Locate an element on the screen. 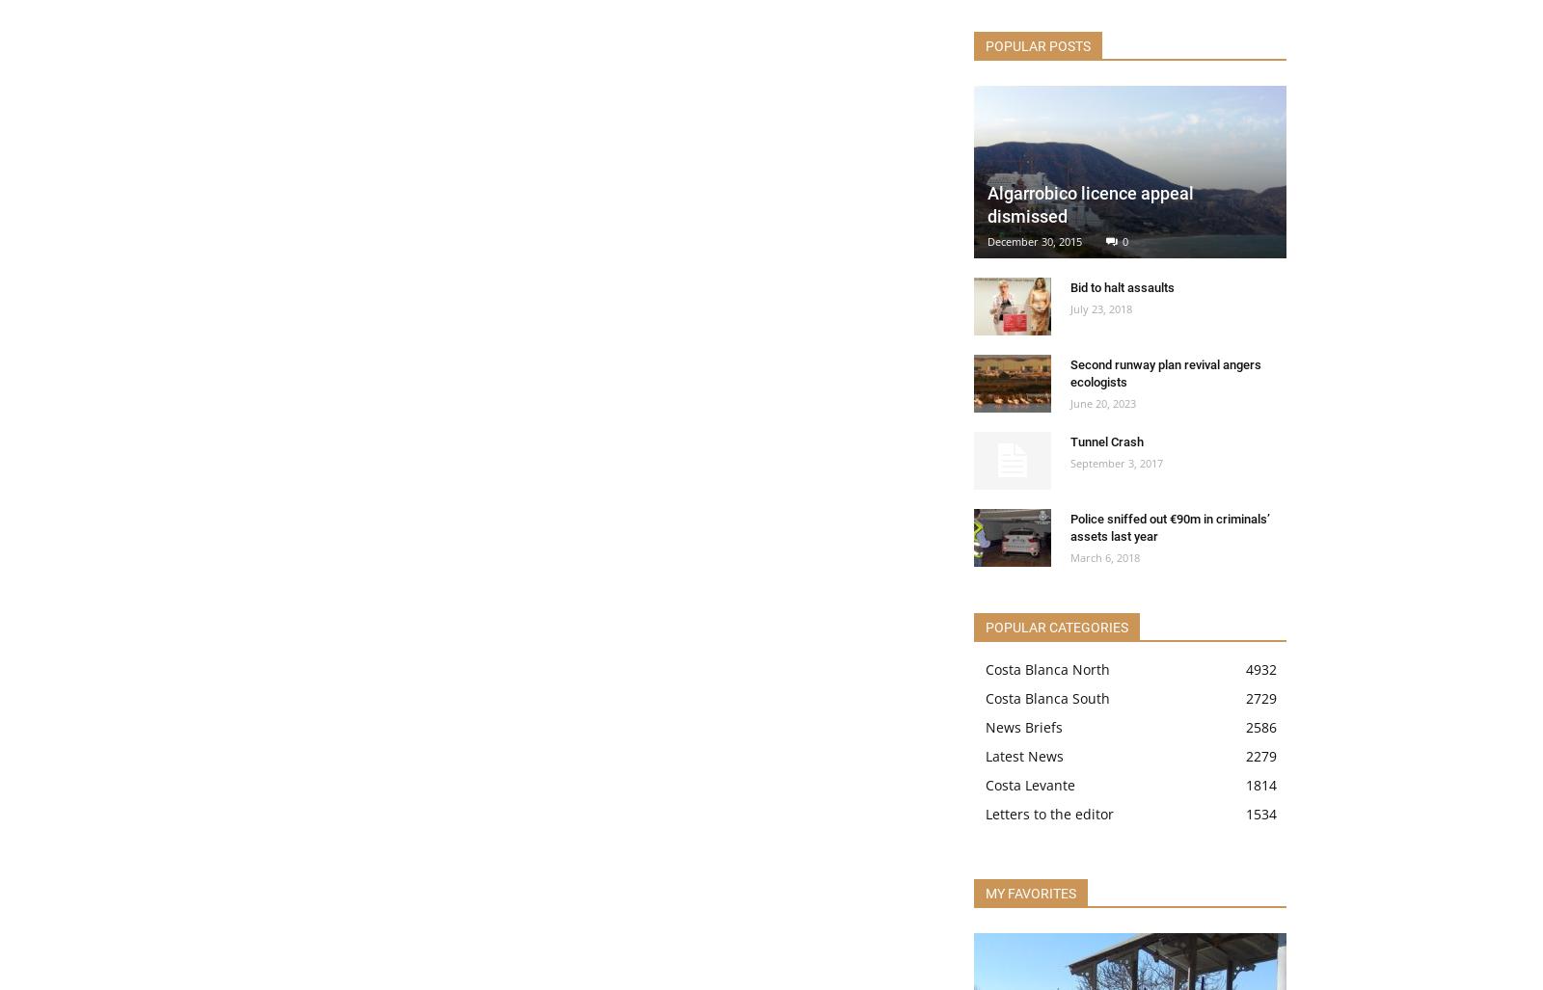 The height and width of the screenshot is (990, 1543). 'News Briefs' is located at coordinates (986, 726).